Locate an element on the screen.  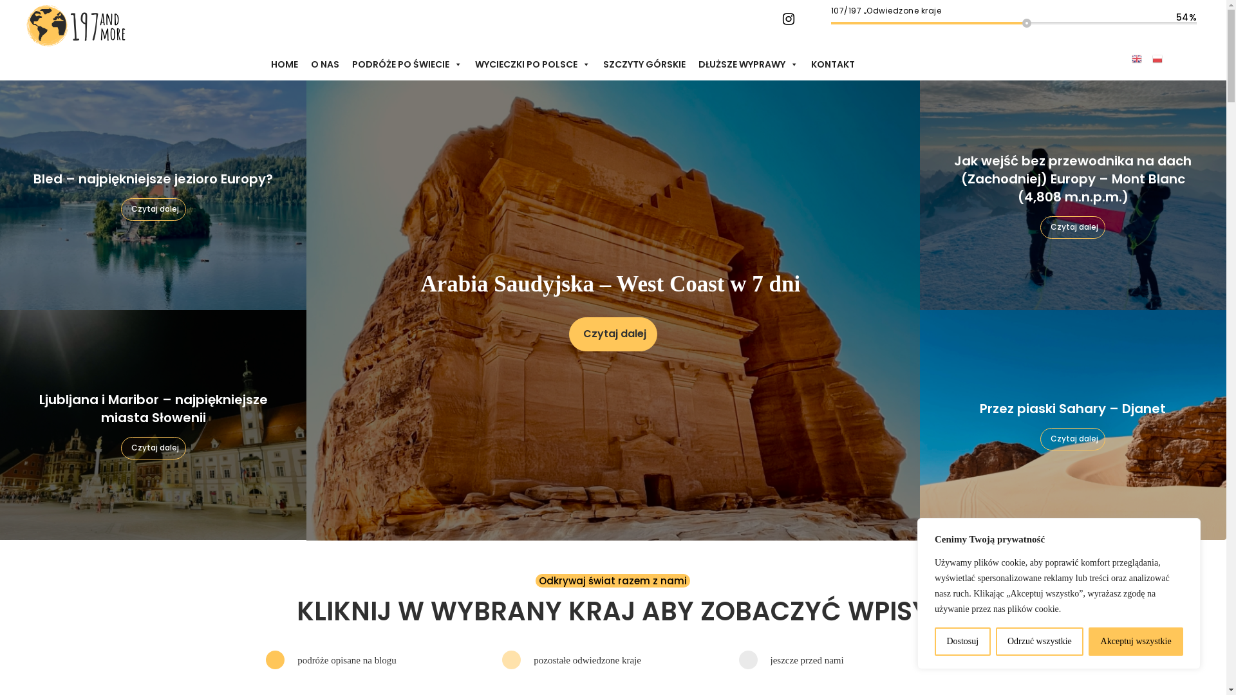
'O NAS' is located at coordinates (324, 64).